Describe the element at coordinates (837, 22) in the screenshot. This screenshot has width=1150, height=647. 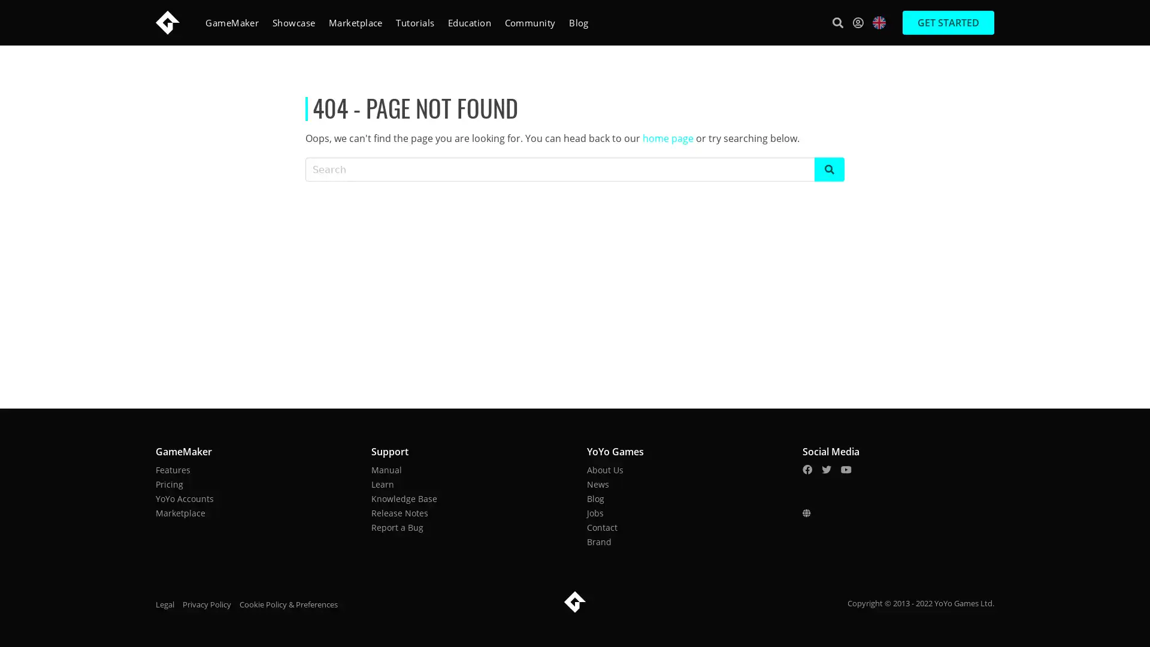
I see `Search` at that location.